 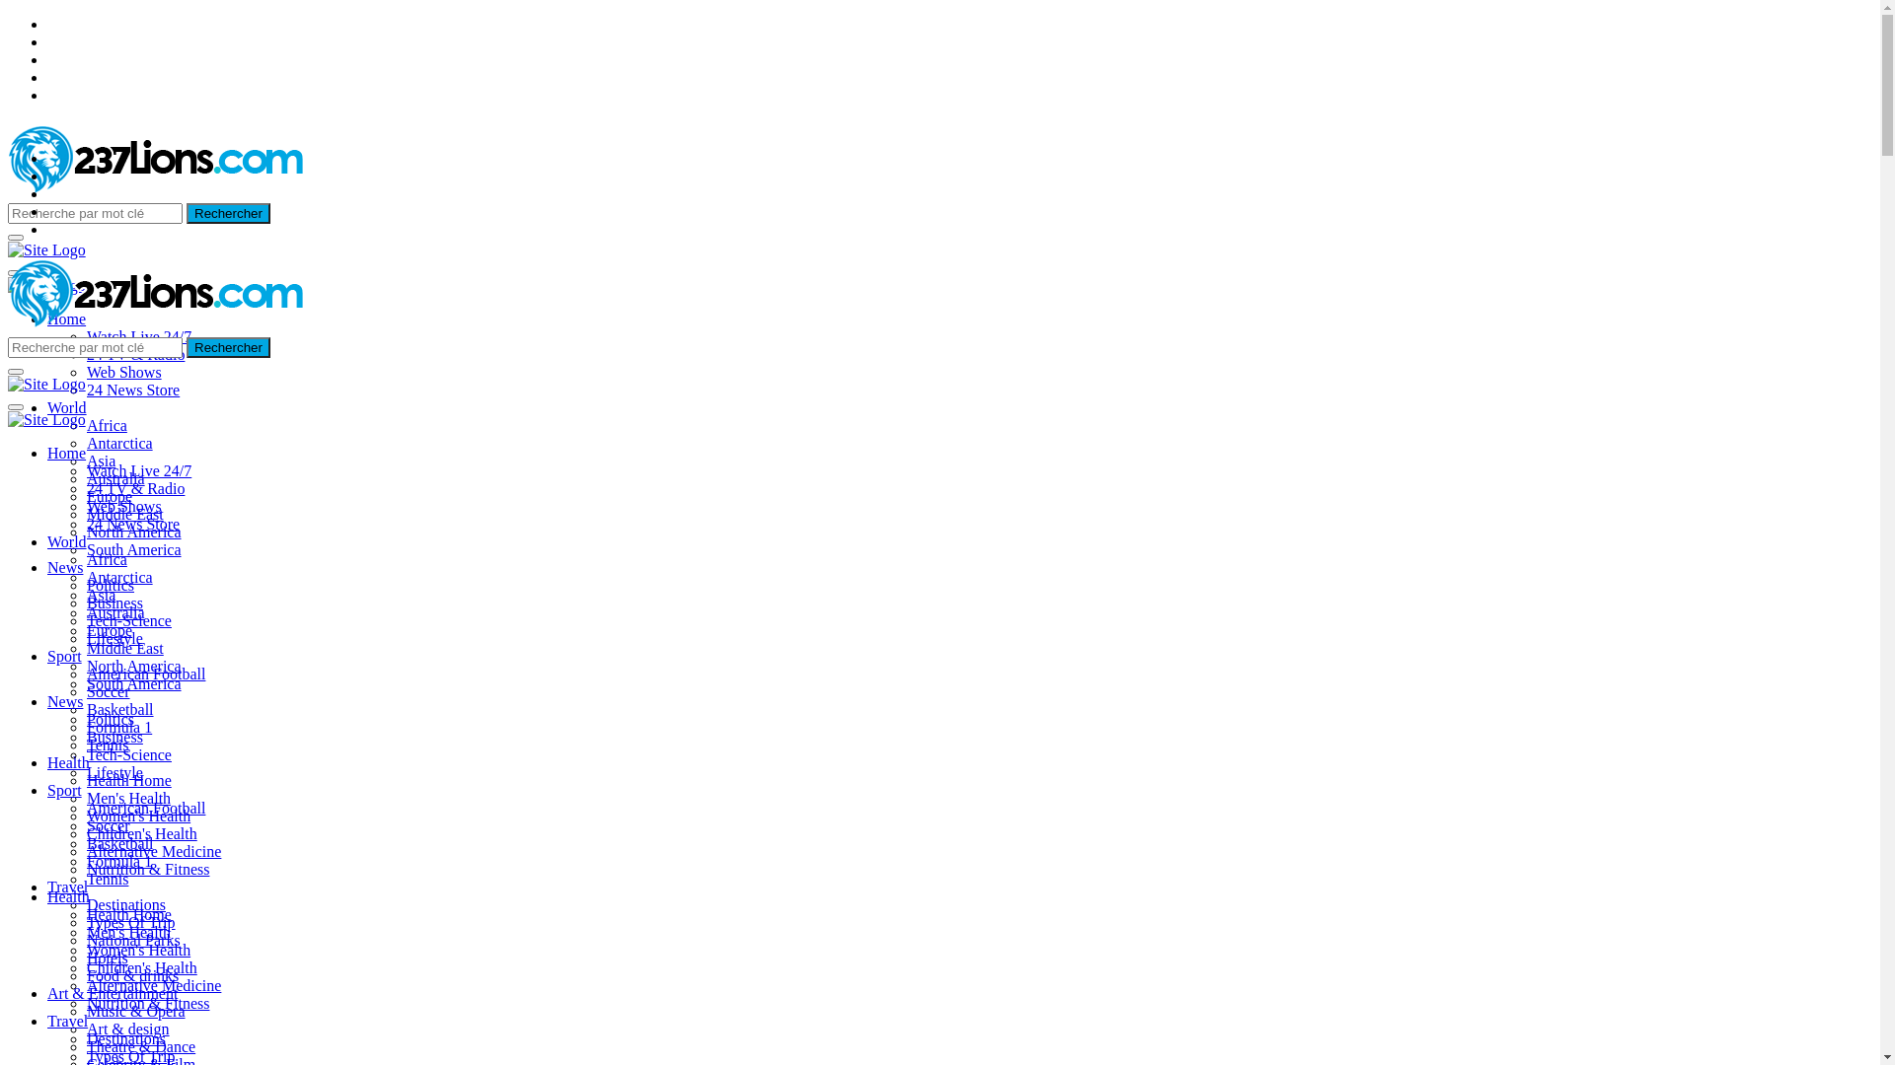 I want to click on 'Nutrition & Fitness', so click(x=146, y=1003).